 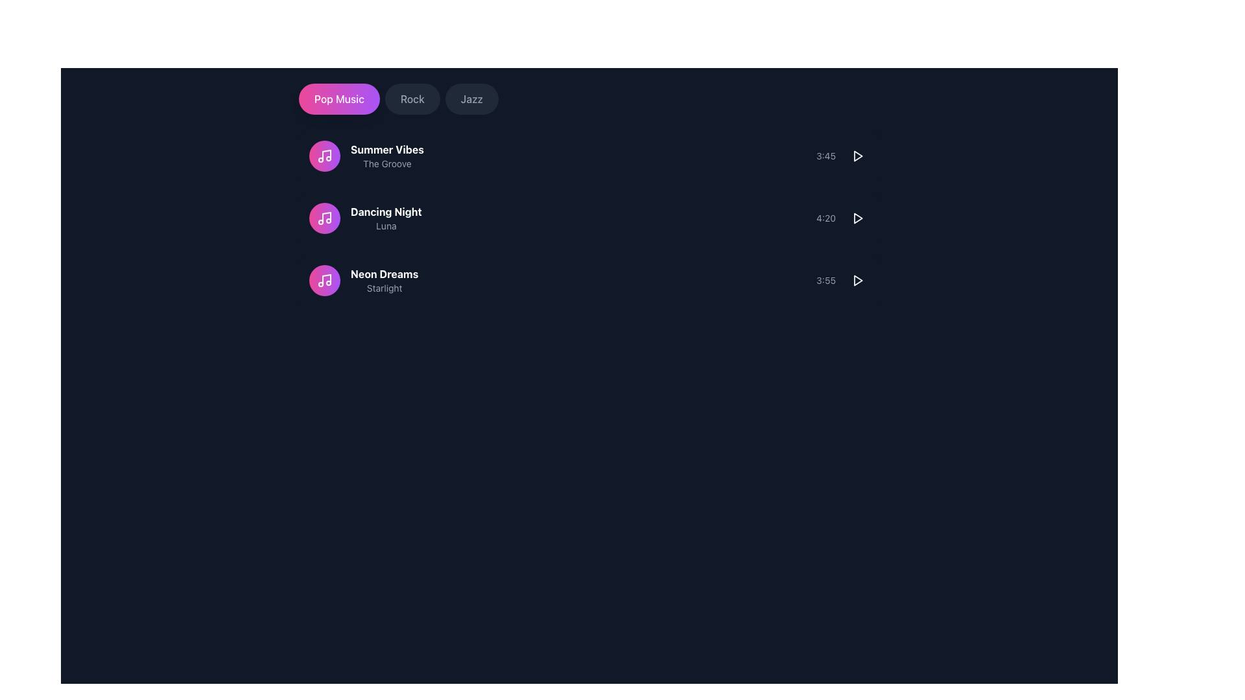 I want to click on the text label displaying the title 'Neon Dreams' and subtitle 'Starlight', so click(x=384, y=279).